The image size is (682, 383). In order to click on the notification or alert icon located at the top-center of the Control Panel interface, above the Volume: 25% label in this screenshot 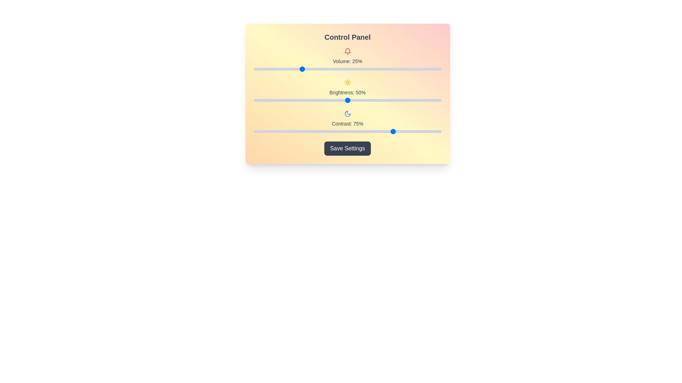, I will do `click(347, 50)`.